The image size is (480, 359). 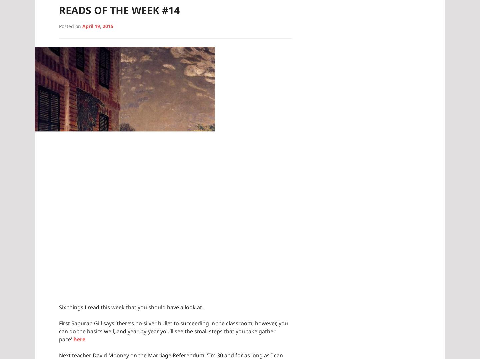 I want to click on 'First', so click(x=65, y=323).